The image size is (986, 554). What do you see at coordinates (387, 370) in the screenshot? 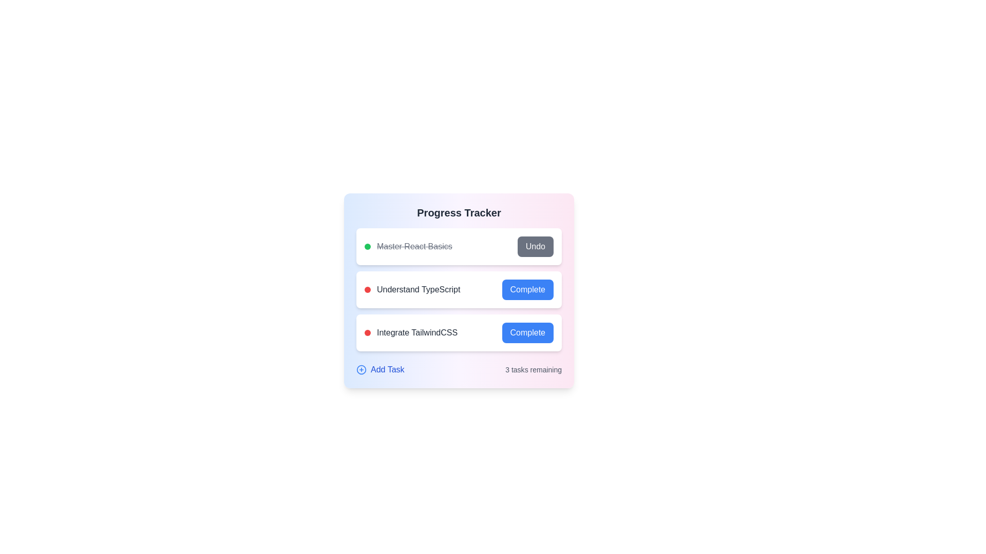
I see `the 'Add Task' text label, which is a blue, medium-weight, sans-serif styled text located at the bottom-left corner of the 'Progress Tracker' card, adjacent to a blue circle icon with a plus sign` at bounding box center [387, 370].